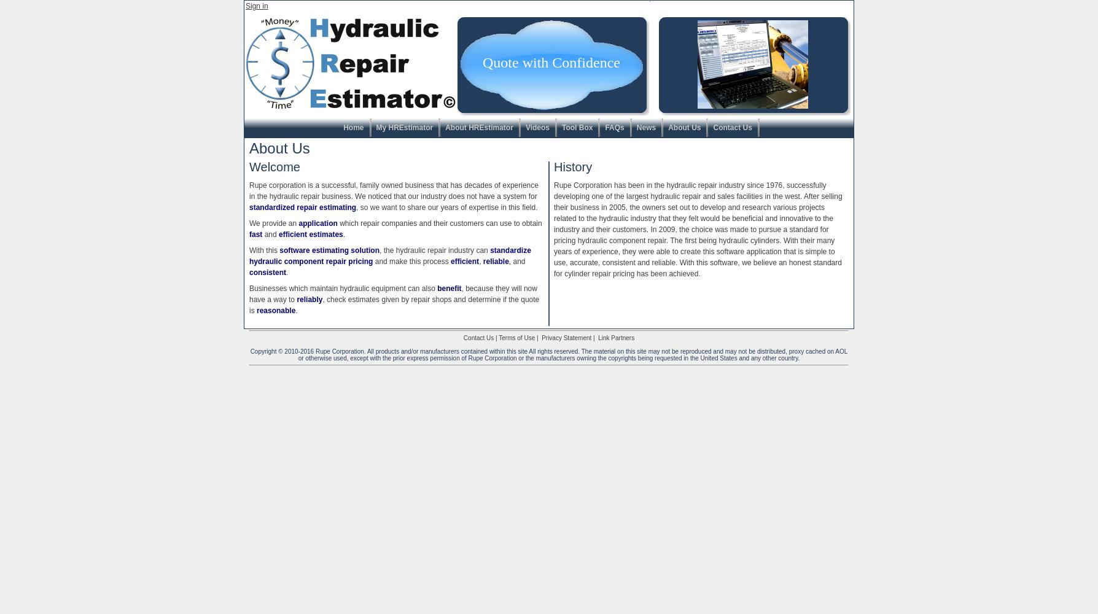  What do you see at coordinates (516, 338) in the screenshot?
I see `'Terms of Use'` at bounding box center [516, 338].